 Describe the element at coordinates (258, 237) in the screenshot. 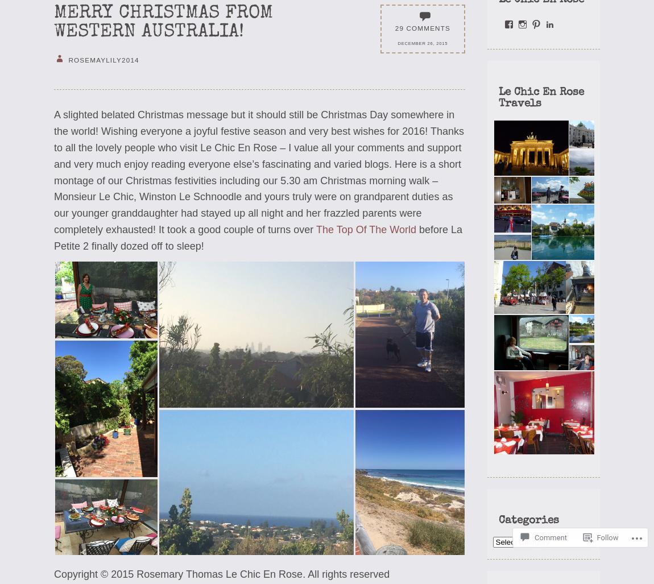

I see `'before La Petite 2 finally dozed off to sleep!'` at that location.